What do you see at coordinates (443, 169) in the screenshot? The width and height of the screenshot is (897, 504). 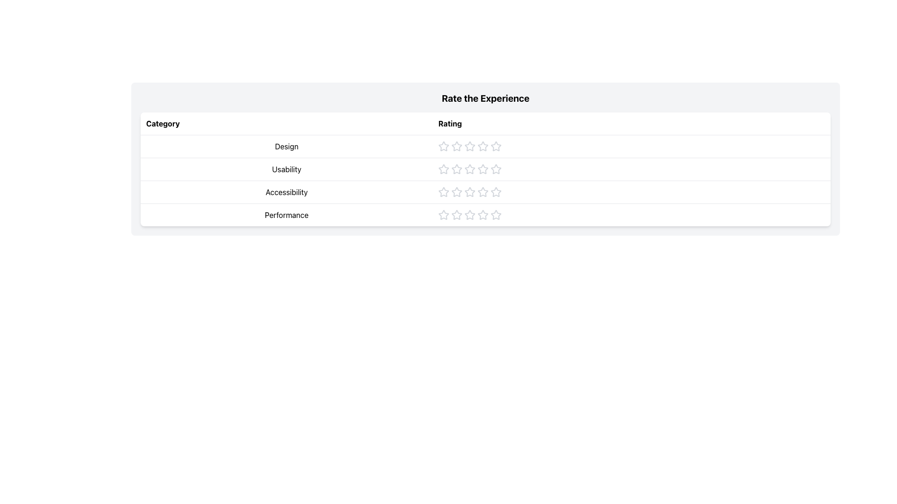 I see `the first rating star icon in the 'Usability' row` at bounding box center [443, 169].